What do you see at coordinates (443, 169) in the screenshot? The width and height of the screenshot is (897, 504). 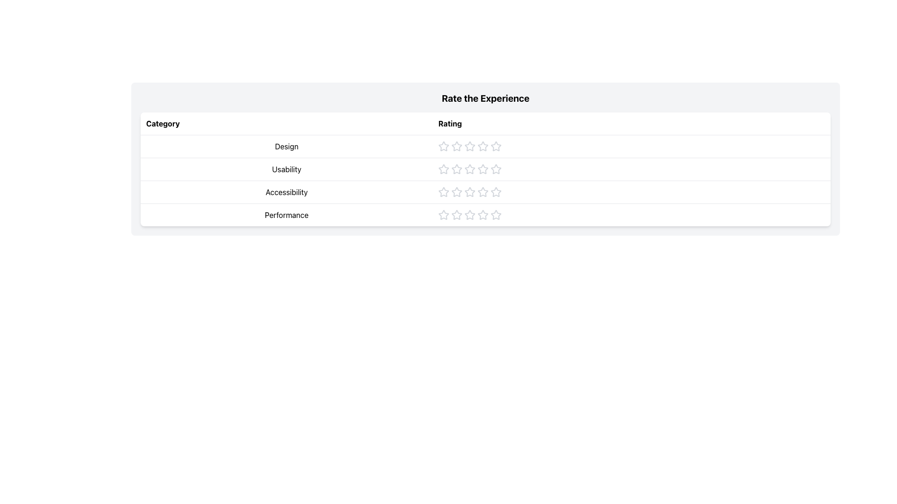 I see `the first rating star icon in the 'Usability' row` at bounding box center [443, 169].